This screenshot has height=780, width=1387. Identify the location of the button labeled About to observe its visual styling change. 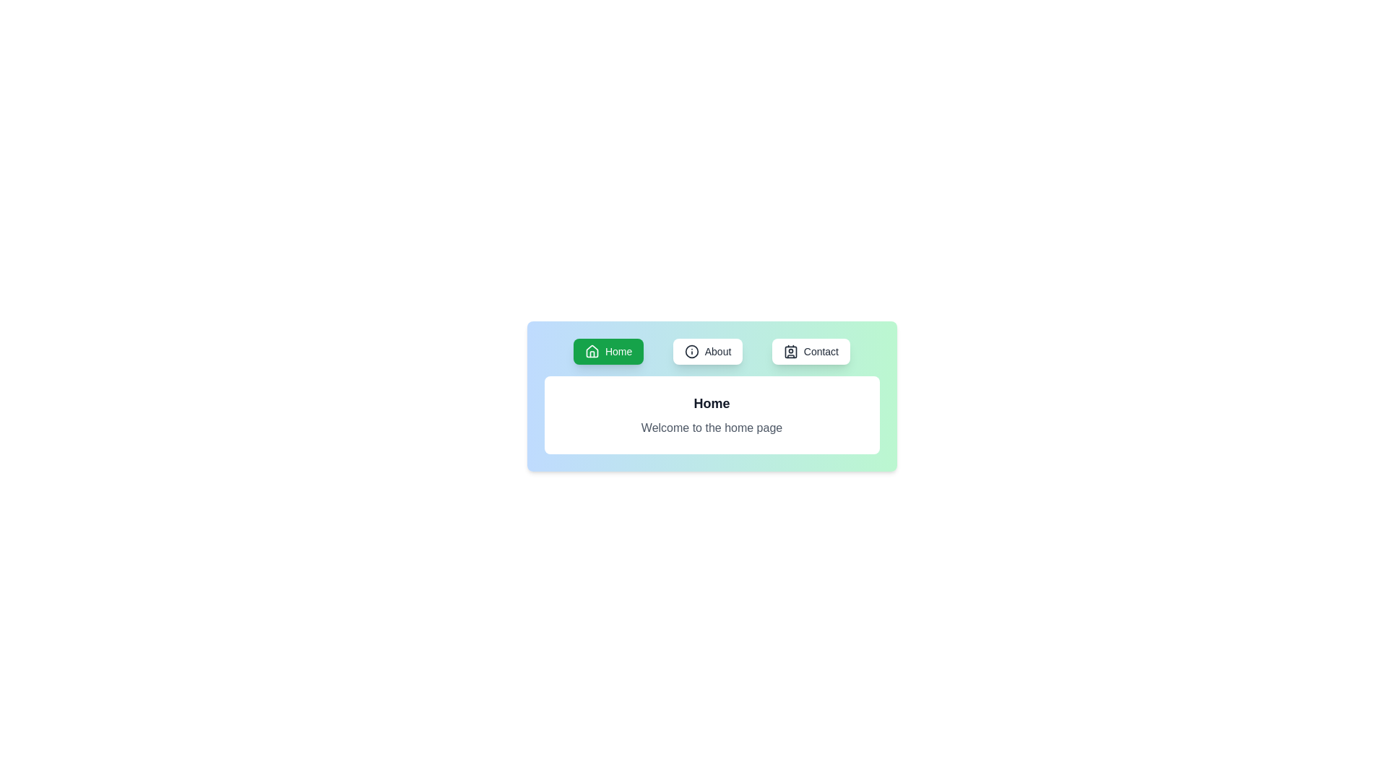
(707, 351).